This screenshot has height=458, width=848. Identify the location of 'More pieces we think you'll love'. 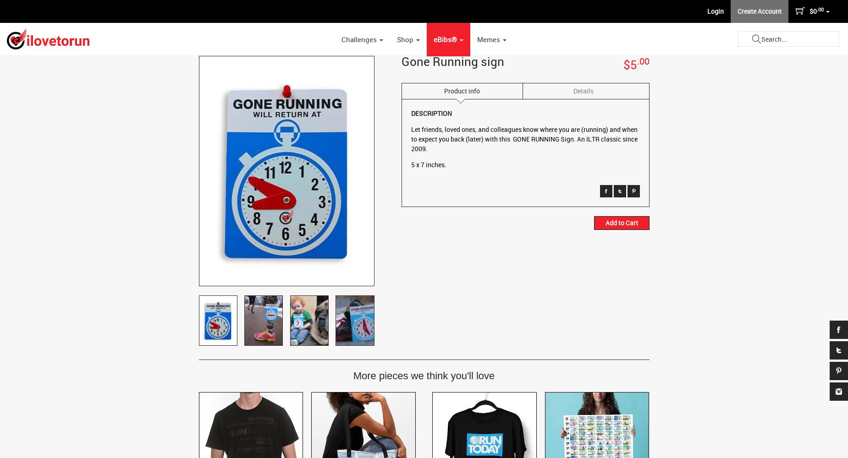
(424, 375).